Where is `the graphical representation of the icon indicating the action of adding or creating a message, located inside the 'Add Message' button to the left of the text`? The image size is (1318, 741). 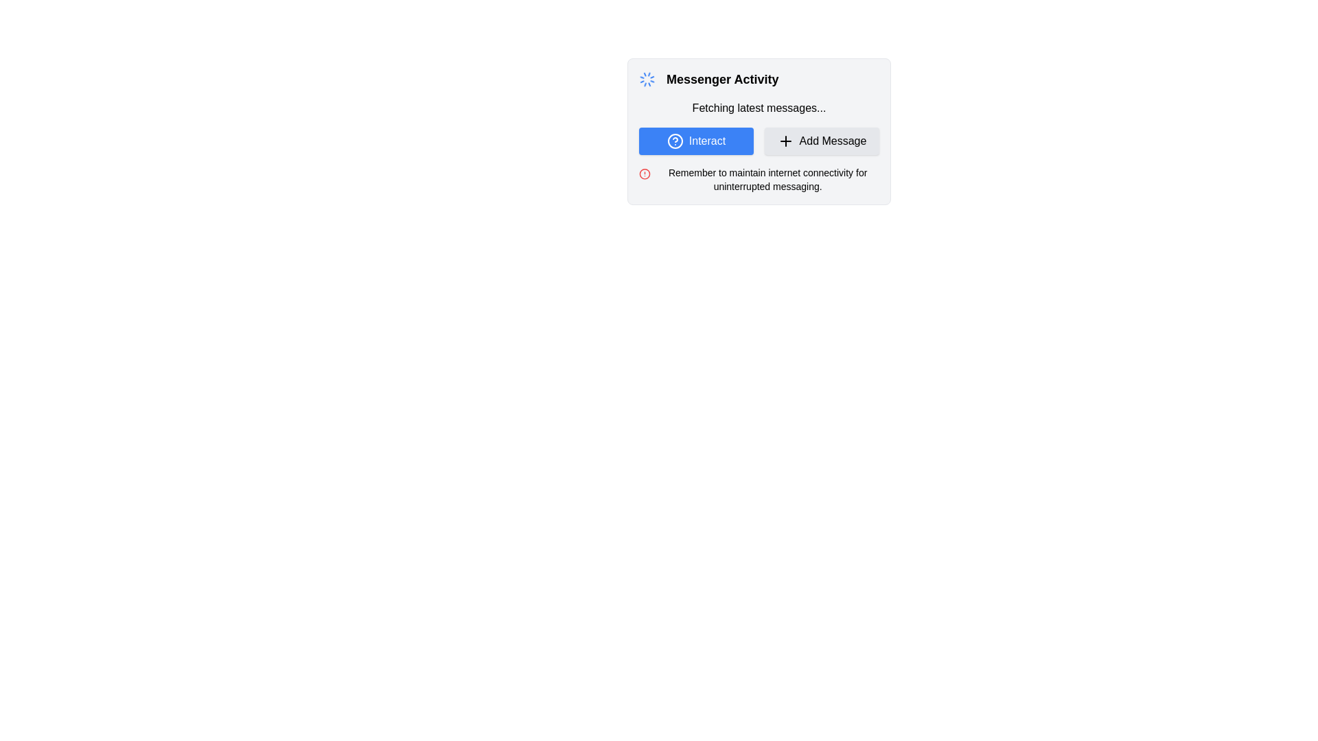 the graphical representation of the icon indicating the action of adding or creating a message, located inside the 'Add Message' button to the left of the text is located at coordinates (785, 141).